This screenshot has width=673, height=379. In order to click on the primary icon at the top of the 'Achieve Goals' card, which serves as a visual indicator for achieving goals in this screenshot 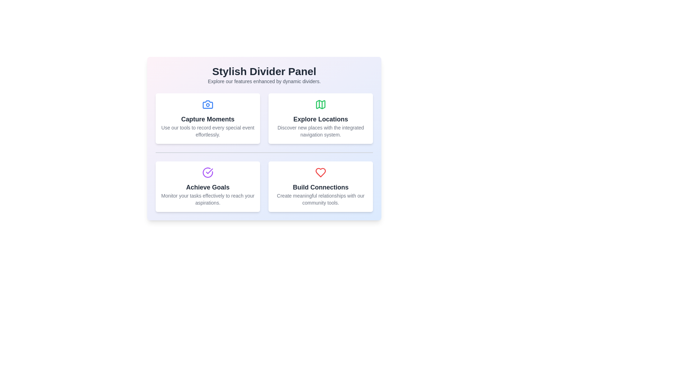, I will do `click(208, 173)`.